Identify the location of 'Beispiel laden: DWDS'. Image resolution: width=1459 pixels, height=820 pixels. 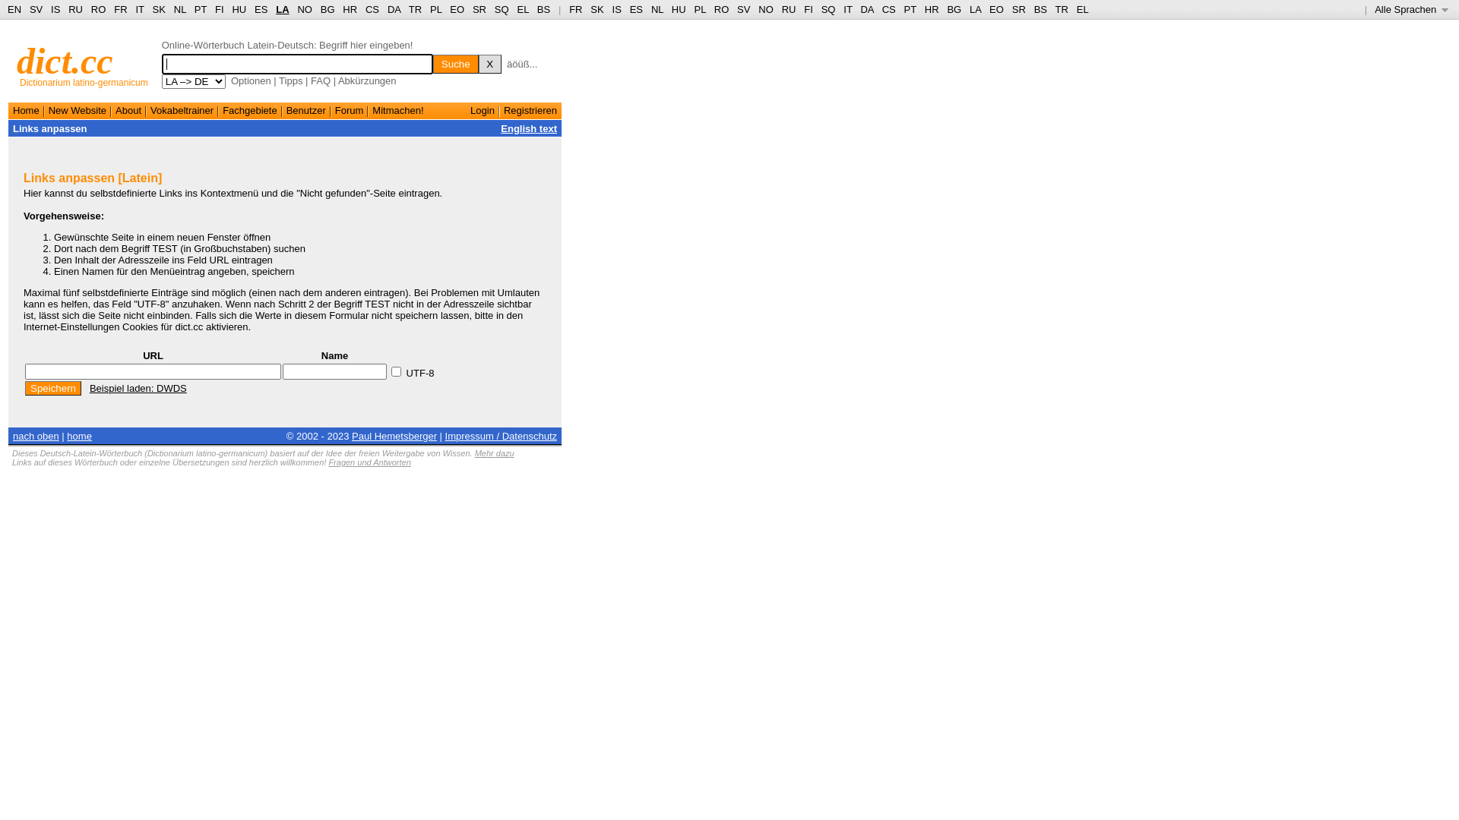
(89, 387).